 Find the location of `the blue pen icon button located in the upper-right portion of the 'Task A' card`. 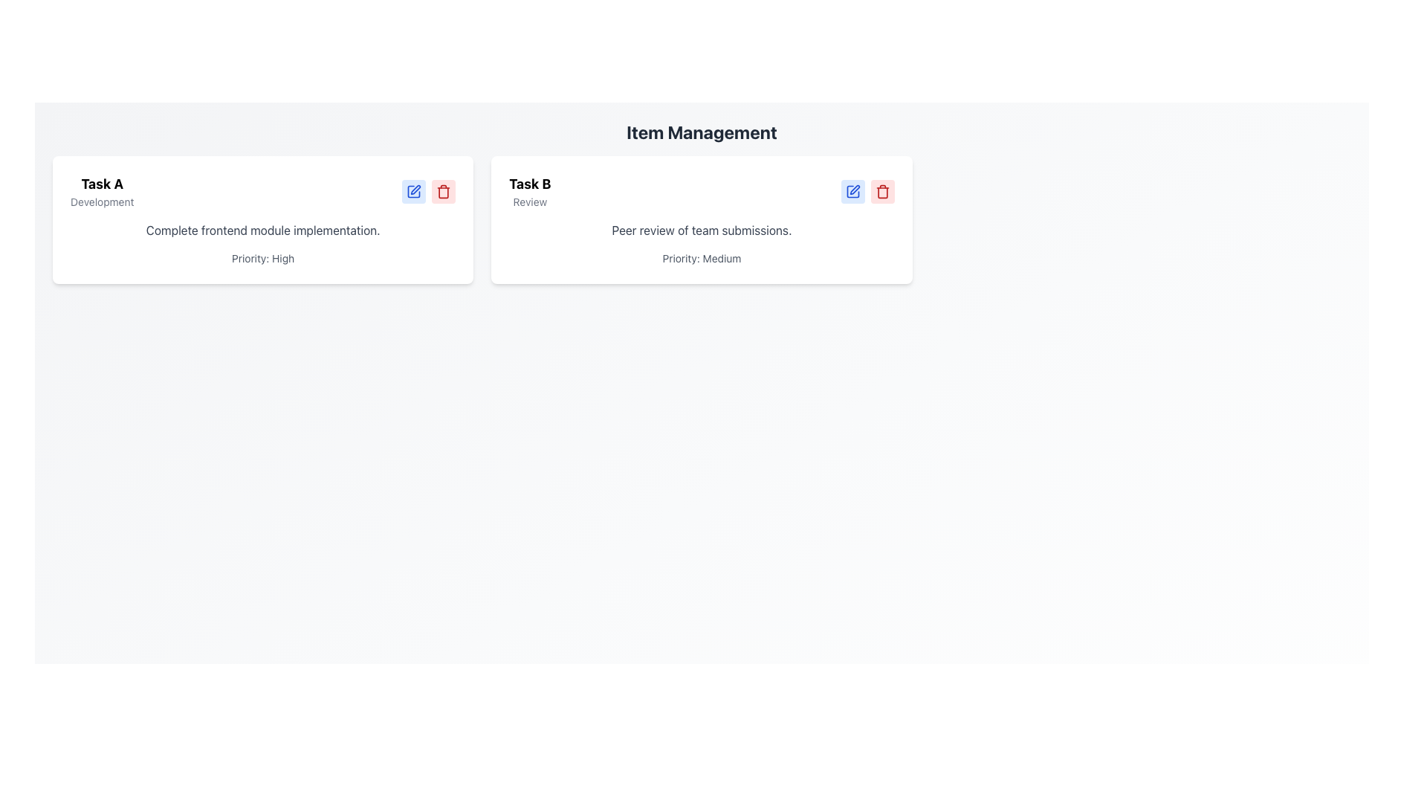

the blue pen icon button located in the upper-right portion of the 'Task A' card is located at coordinates (414, 191).